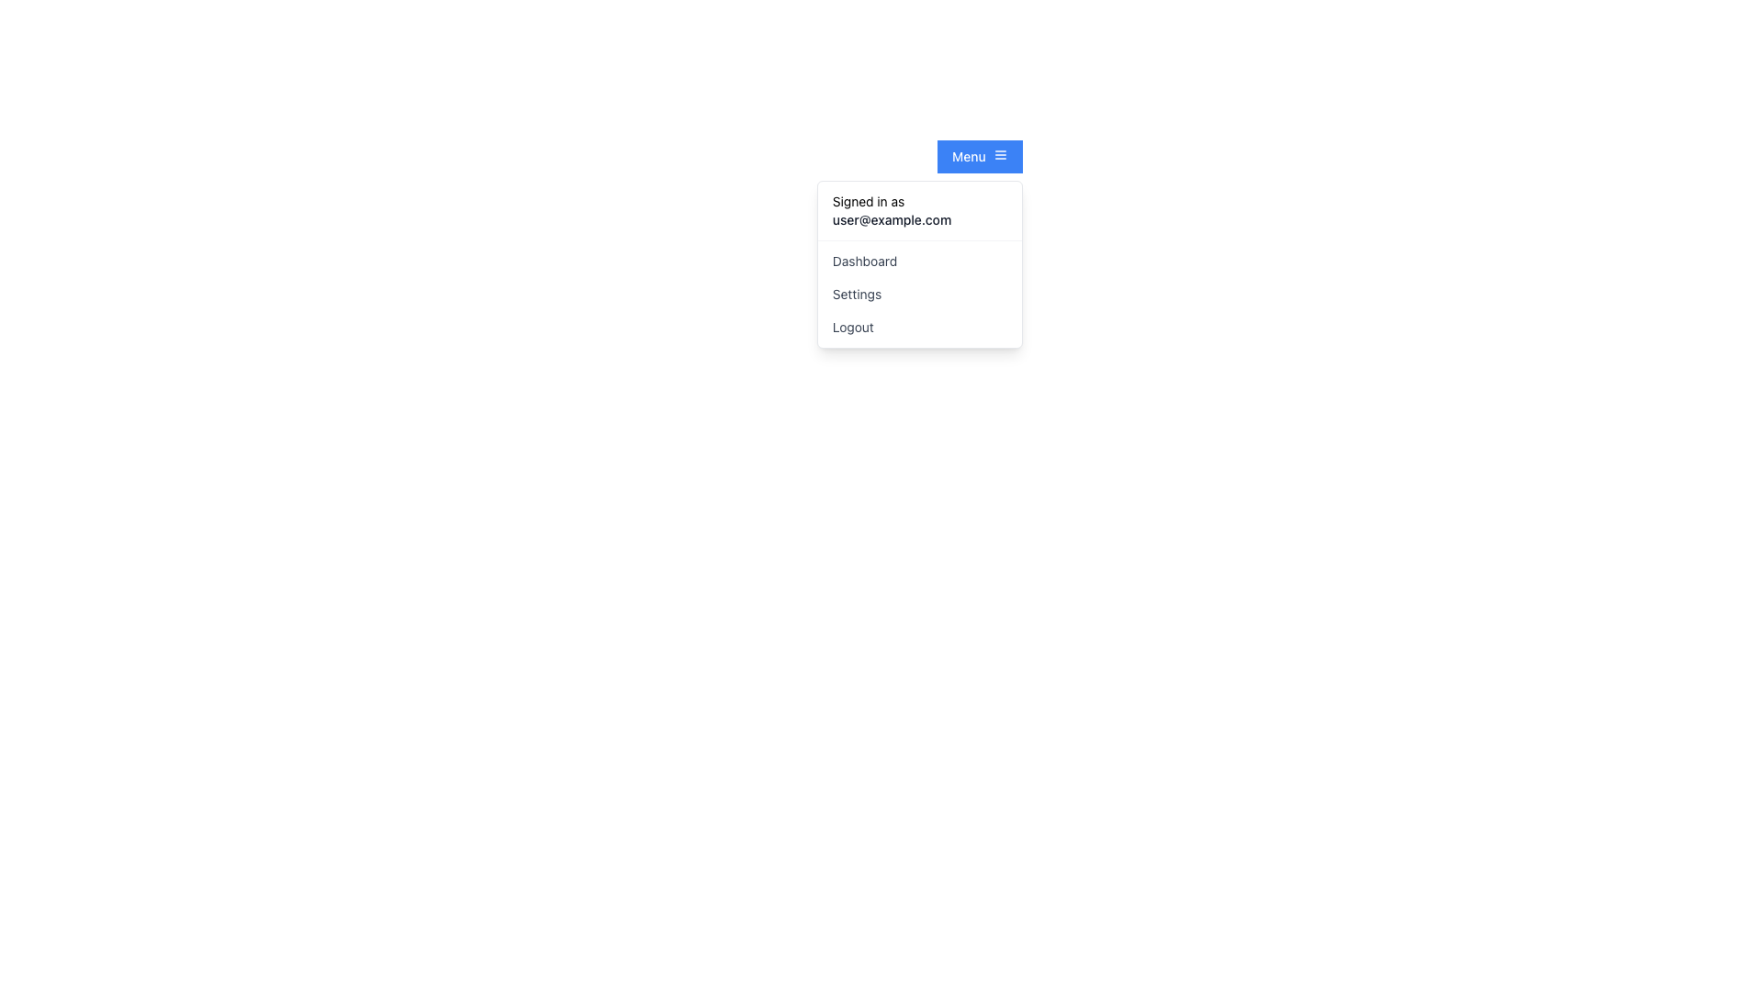 This screenshot has height=991, width=1763. Describe the element at coordinates (999, 154) in the screenshot. I see `the icon located in the top-right corner of the blue rectangular button labeled 'Menu'` at that location.